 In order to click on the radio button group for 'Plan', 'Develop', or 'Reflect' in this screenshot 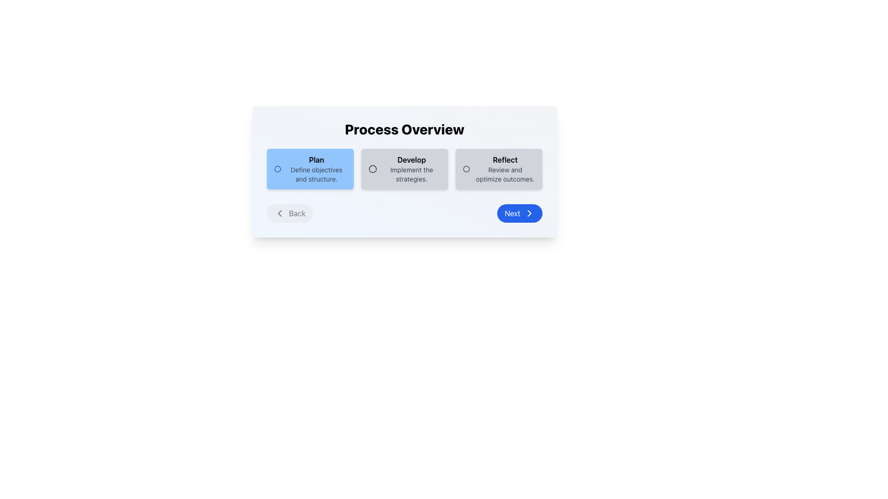, I will do `click(404, 169)`.